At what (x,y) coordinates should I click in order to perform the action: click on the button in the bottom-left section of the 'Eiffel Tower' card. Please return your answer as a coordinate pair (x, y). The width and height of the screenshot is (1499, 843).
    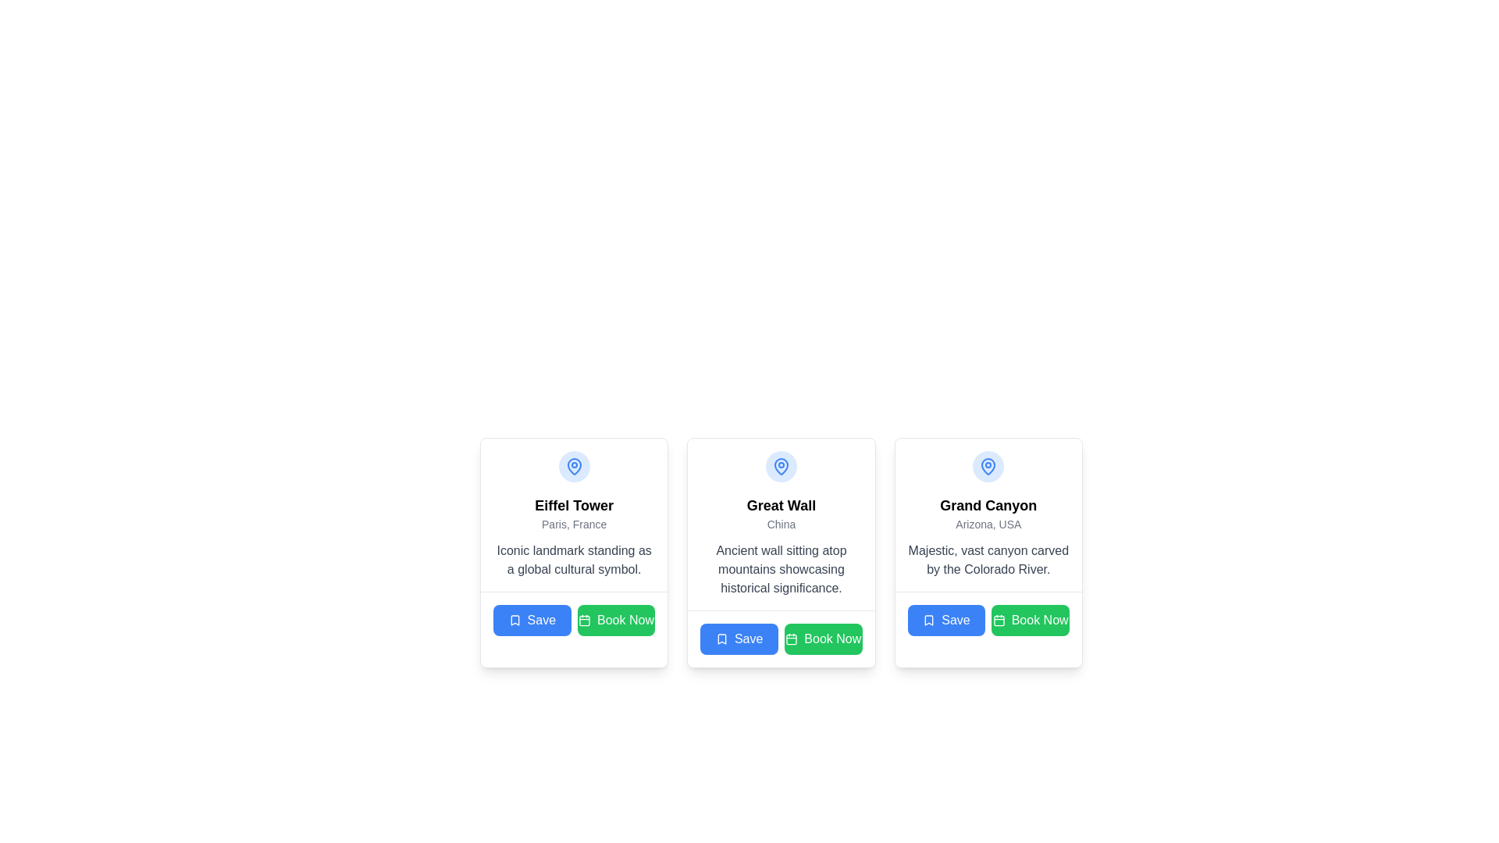
    Looking at the image, I should click on (532, 619).